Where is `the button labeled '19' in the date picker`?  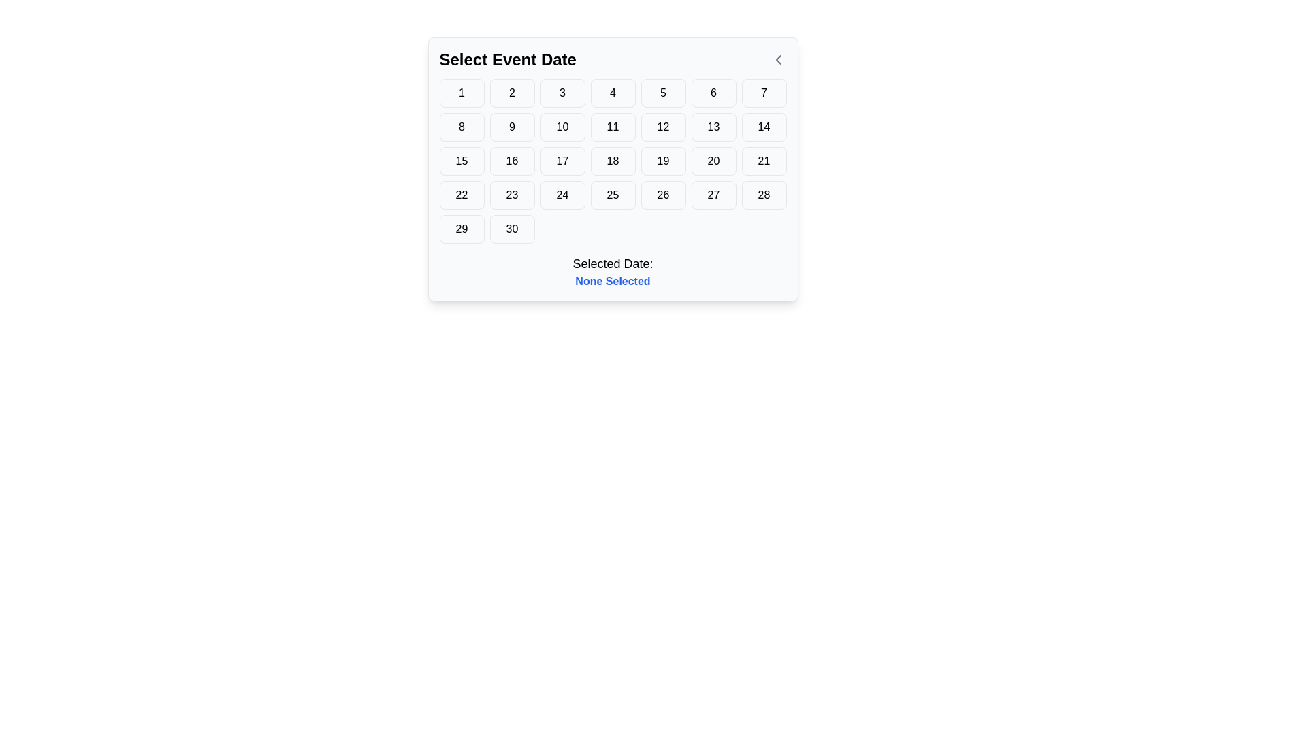 the button labeled '19' in the date picker is located at coordinates (663, 160).